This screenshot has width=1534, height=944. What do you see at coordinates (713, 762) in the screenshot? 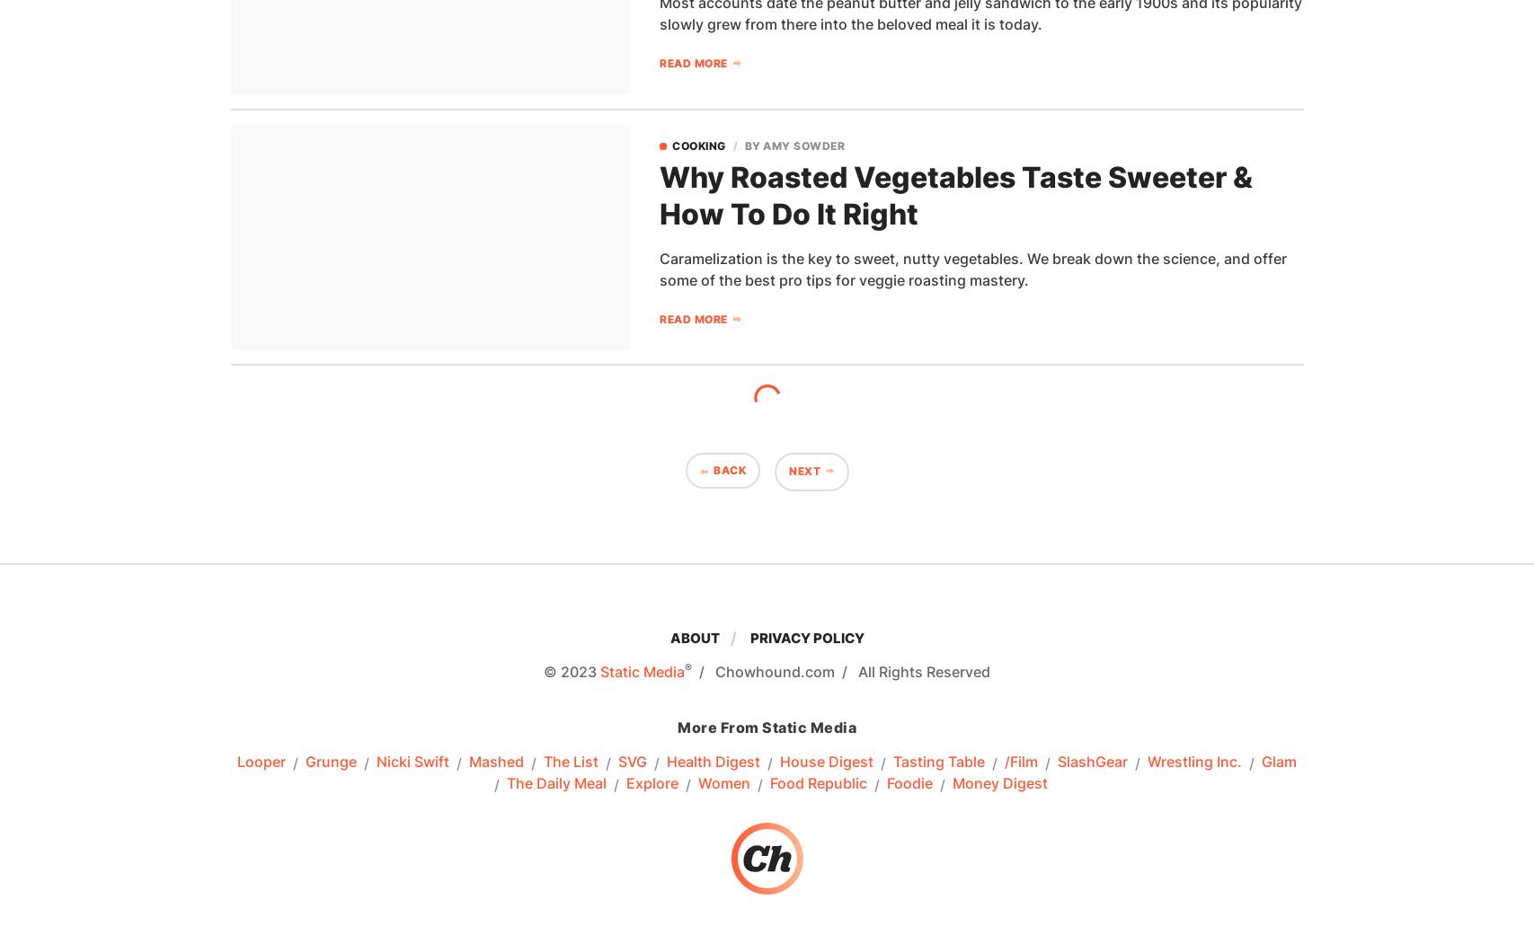
I see `'Health Digest'` at bounding box center [713, 762].